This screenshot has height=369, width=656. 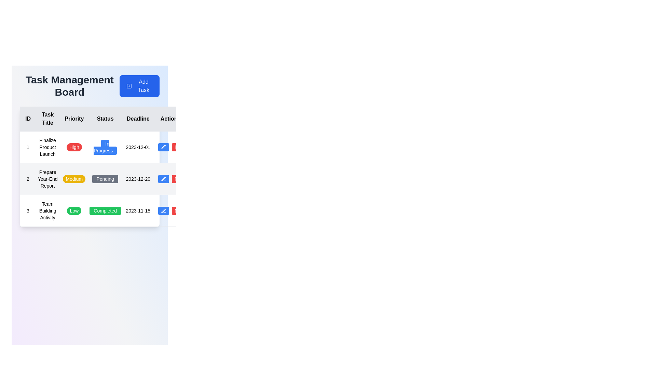 What do you see at coordinates (170, 179) in the screenshot?
I see `the blue pencil icon button in the 'Action' column of the 'Task Management Board' interface for the task 'Prepare Year-End Report'` at bounding box center [170, 179].